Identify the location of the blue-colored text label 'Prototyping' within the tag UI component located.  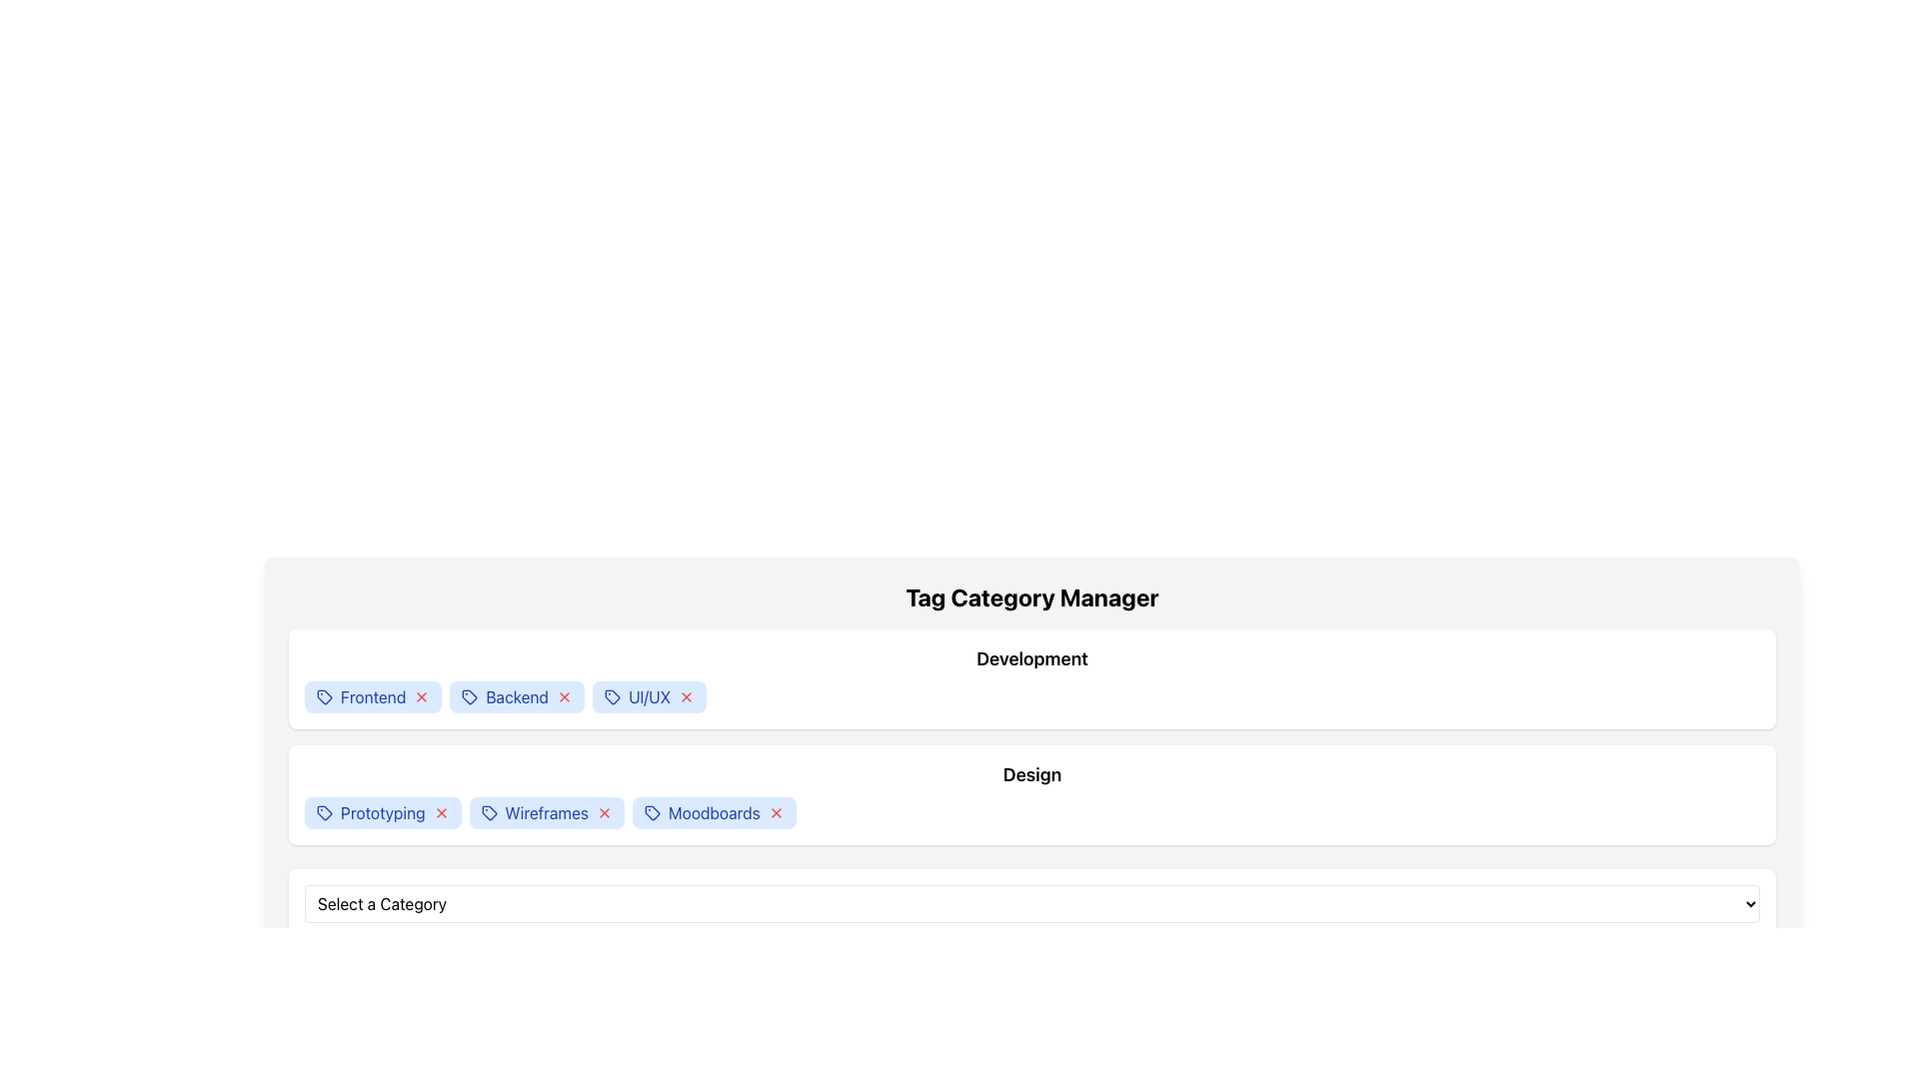
(383, 812).